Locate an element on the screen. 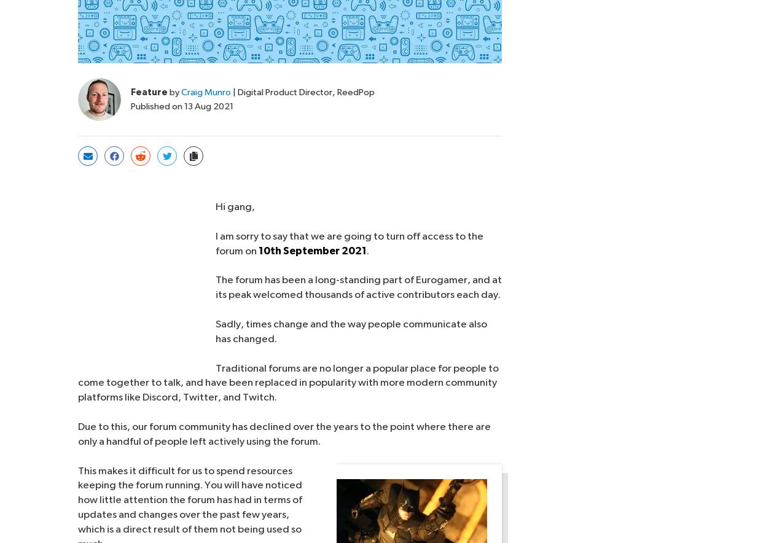  'Authors' is located at coordinates (353, 447).